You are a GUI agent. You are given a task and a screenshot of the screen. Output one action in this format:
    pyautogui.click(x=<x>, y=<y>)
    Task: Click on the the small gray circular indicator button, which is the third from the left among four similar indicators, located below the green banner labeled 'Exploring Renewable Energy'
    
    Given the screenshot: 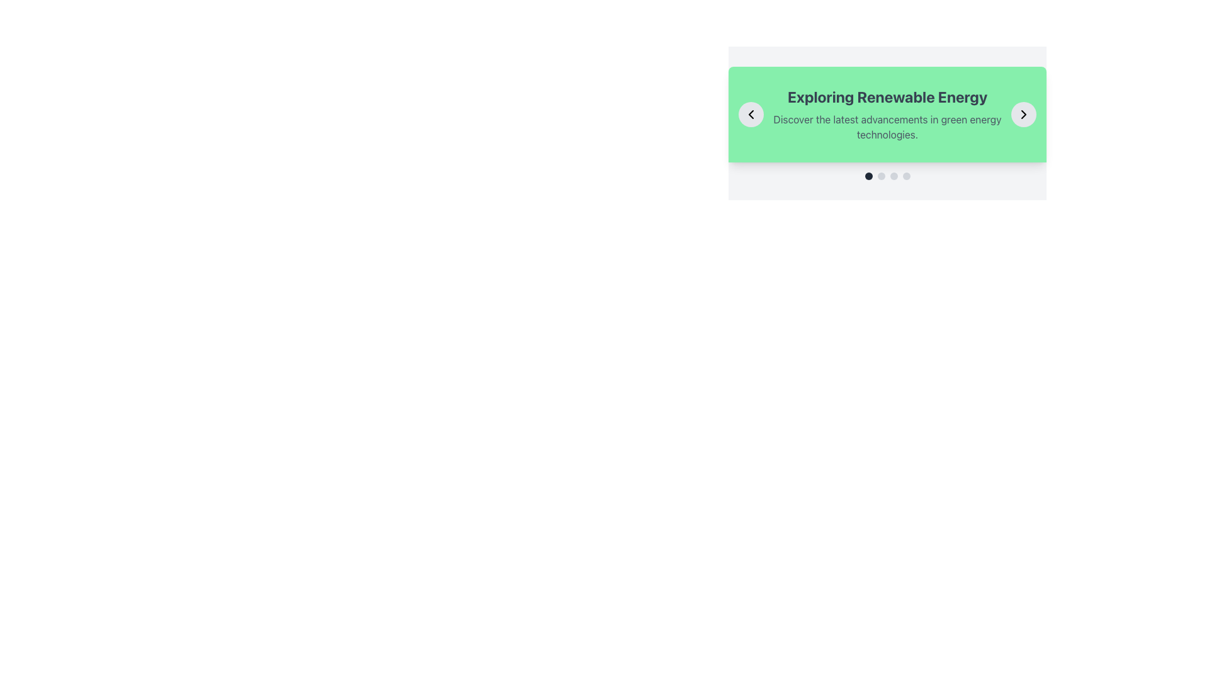 What is the action you would take?
    pyautogui.click(x=893, y=176)
    